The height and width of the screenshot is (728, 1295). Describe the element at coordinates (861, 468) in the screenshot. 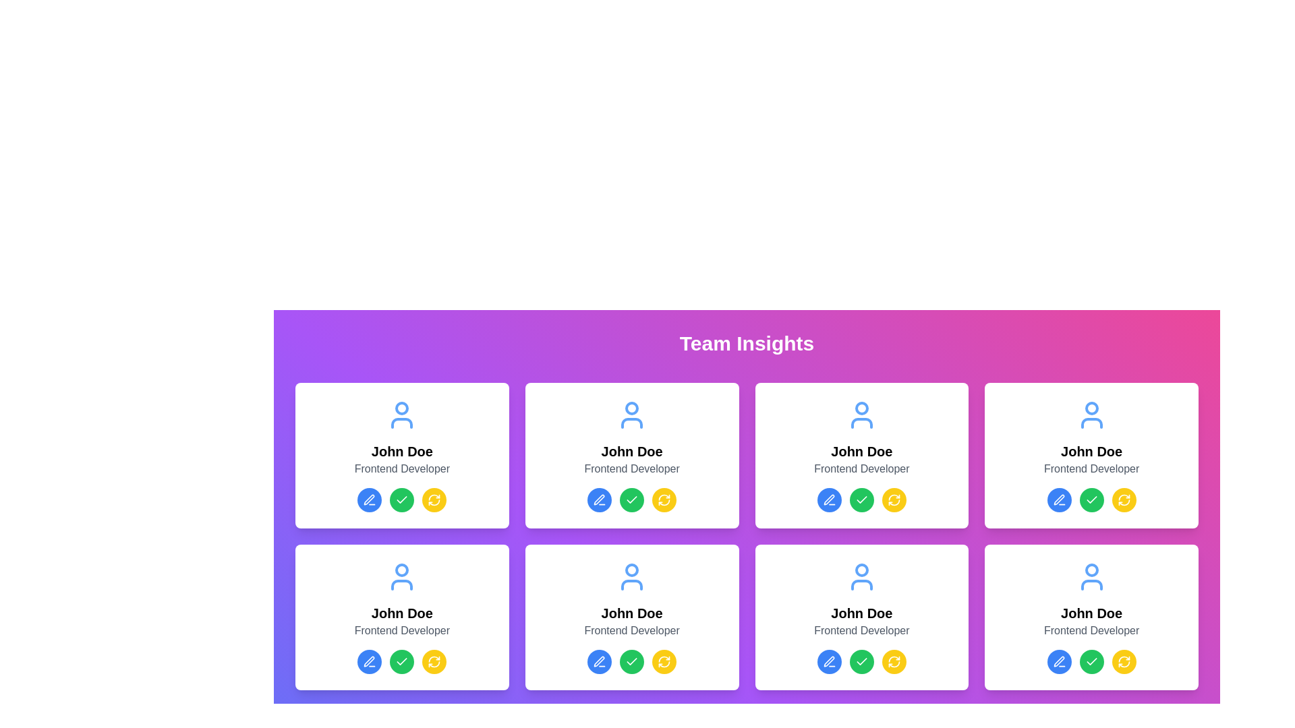

I see `text from the static label that reads 'Frontend Developer', which is styled in gray and located below the 'John Doe' label in the third card of the top row` at that location.